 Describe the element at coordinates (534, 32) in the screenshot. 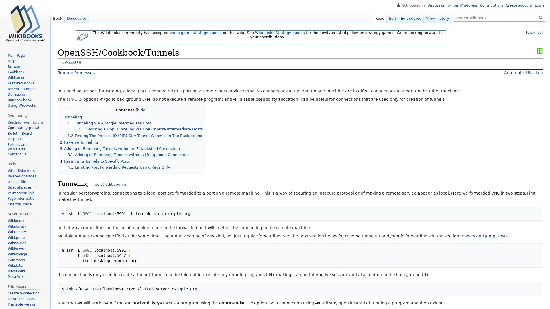

I see `dismiss` at that location.